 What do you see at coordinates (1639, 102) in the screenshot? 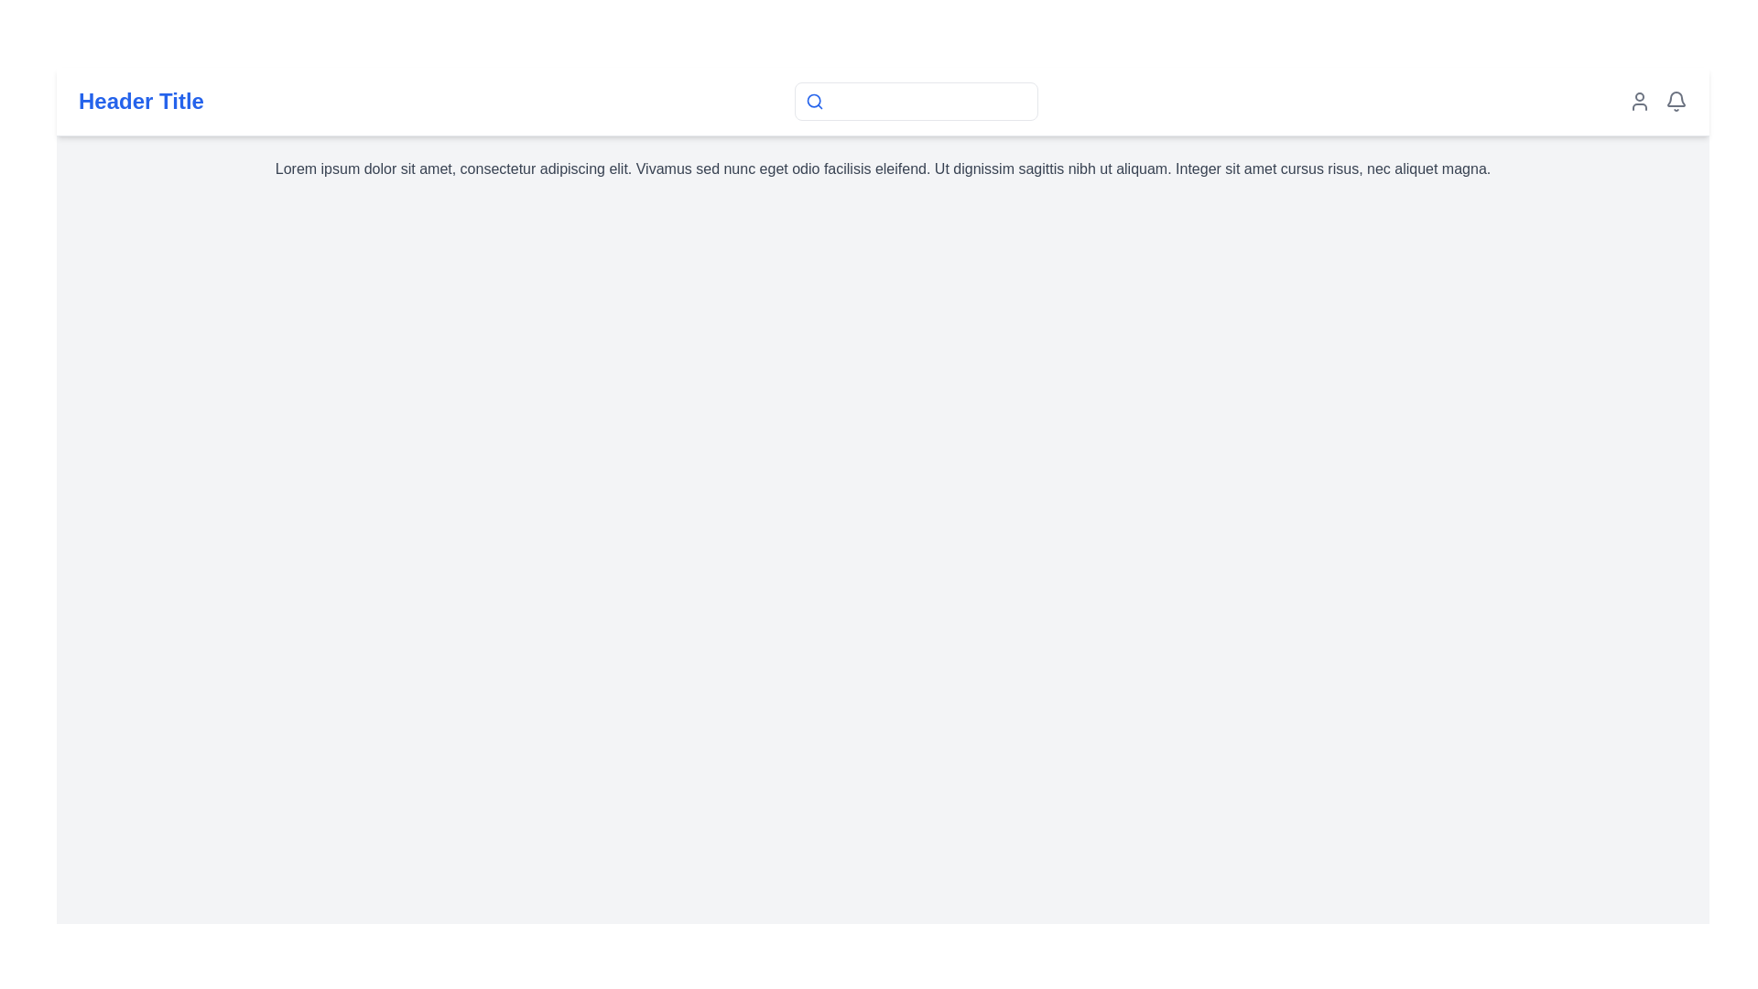
I see `the user profile icon, which is a gray person-outline icon located at the top-right corner of the header section, to change its color for visual feedback` at bounding box center [1639, 102].